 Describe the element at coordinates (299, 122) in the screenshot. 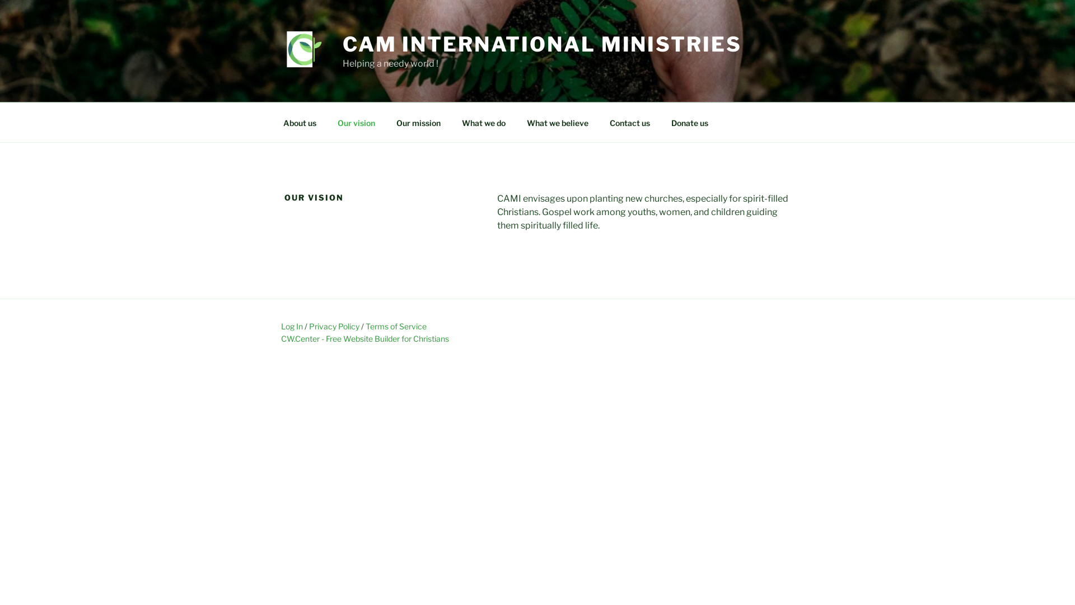

I see `'About us'` at that location.